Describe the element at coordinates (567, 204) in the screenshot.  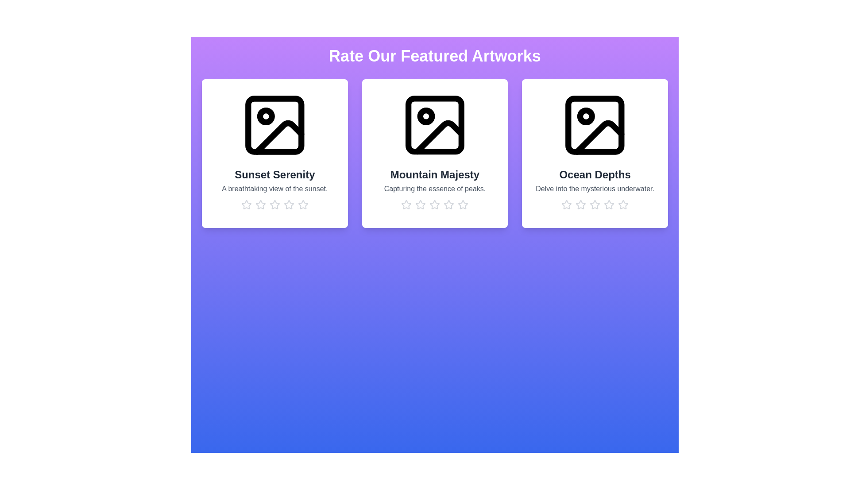
I see `the rating for the artwork 'Ocean Depths' to 1 stars` at that location.